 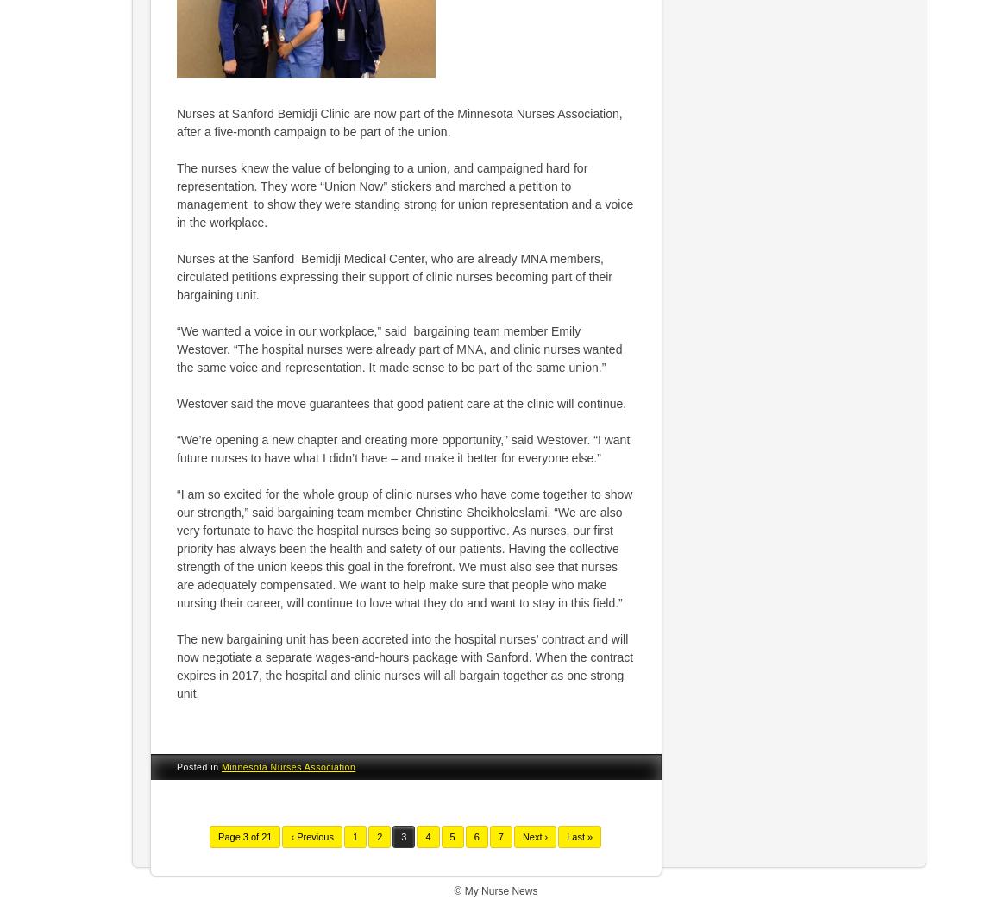 What do you see at coordinates (405, 665) in the screenshot?
I see `'The new bargaining unit has been accreted into the hospital nurses’ contract and will now negotiate a separate wages-and-hours package with Sanford. When the contract expires in 2017, the hospital and clinic nurses will all bargain together as one strong unit.'` at bounding box center [405, 665].